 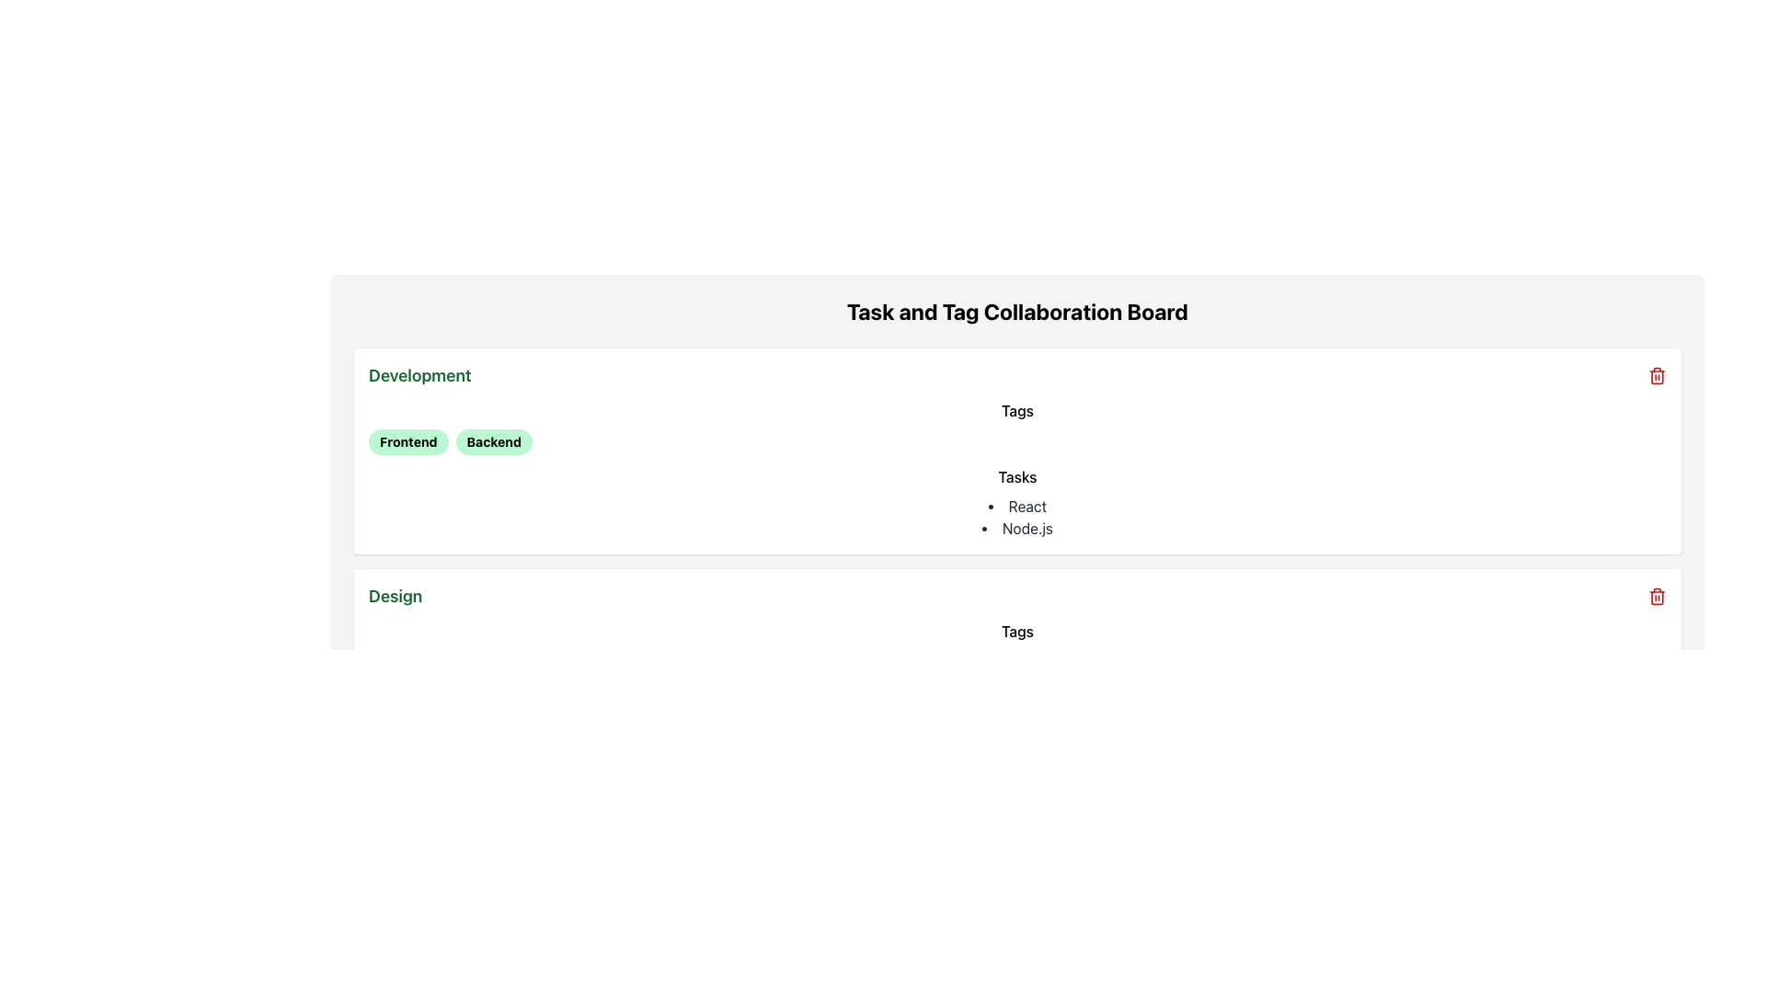 I want to click on the text label 'Design', which is styled in bold green font and positioned as a section heading in the lower part of the displayed section, so click(x=395, y=596).